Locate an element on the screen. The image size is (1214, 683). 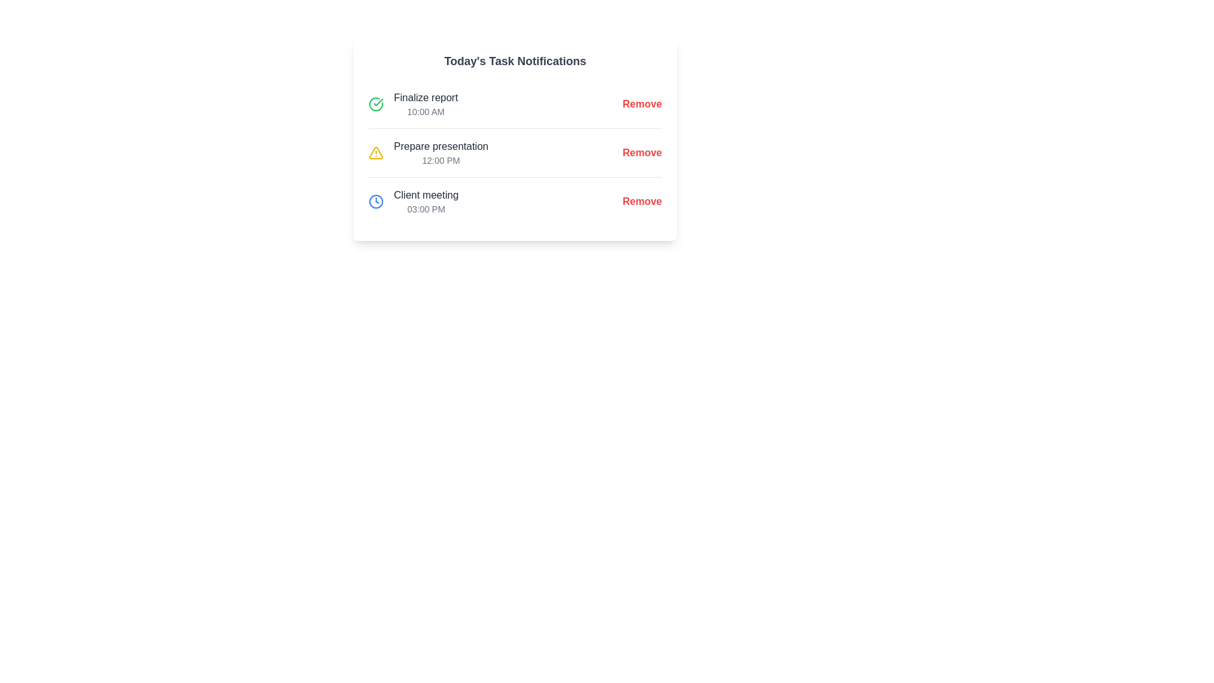
the 'Remove' button styled in bold red font, located at the far-right side next to 'Finalize report' and '10:00 AM' is located at coordinates (642, 104).